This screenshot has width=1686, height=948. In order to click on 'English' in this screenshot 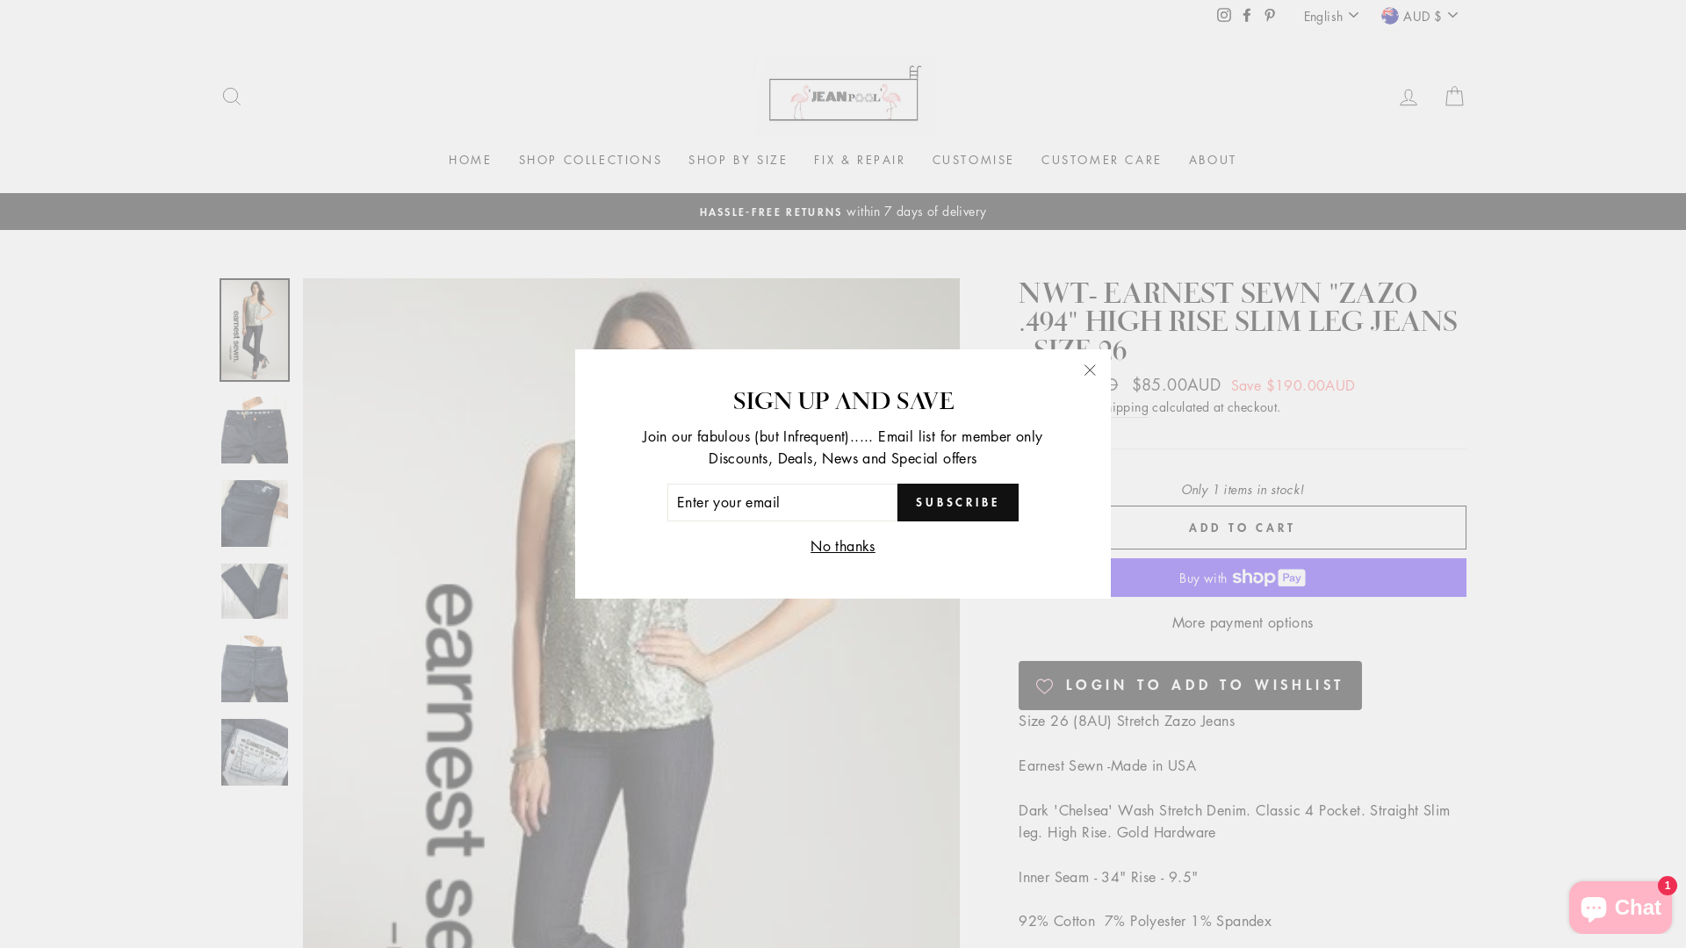, I will do `click(1332, 15)`.